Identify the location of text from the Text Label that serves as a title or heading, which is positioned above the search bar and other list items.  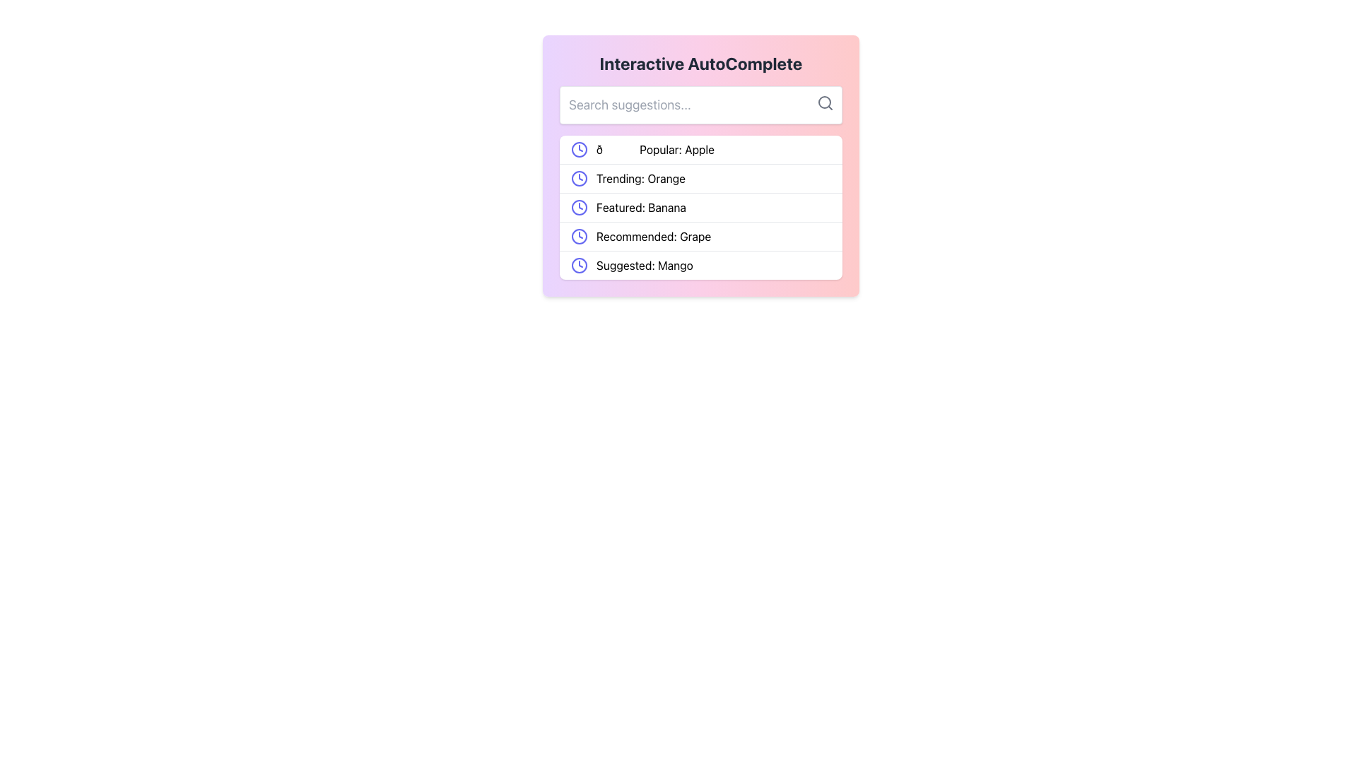
(701, 62).